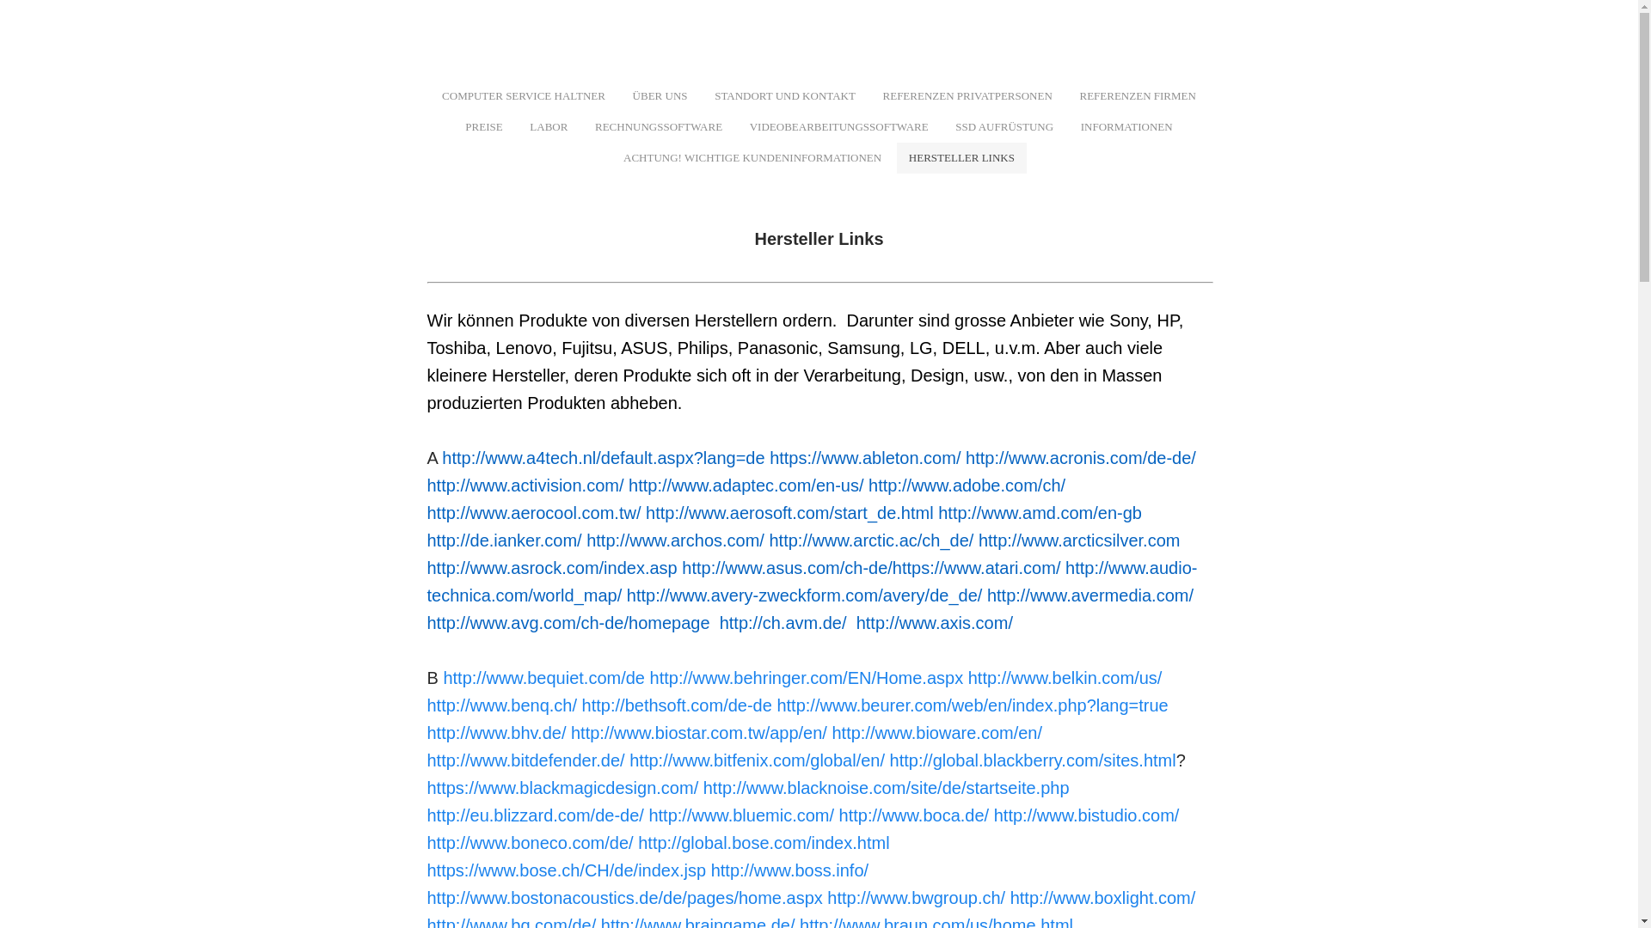 The image size is (1651, 928). I want to click on 'http://www.a4tech.nl/default.aspx?lang=de', so click(603, 456).